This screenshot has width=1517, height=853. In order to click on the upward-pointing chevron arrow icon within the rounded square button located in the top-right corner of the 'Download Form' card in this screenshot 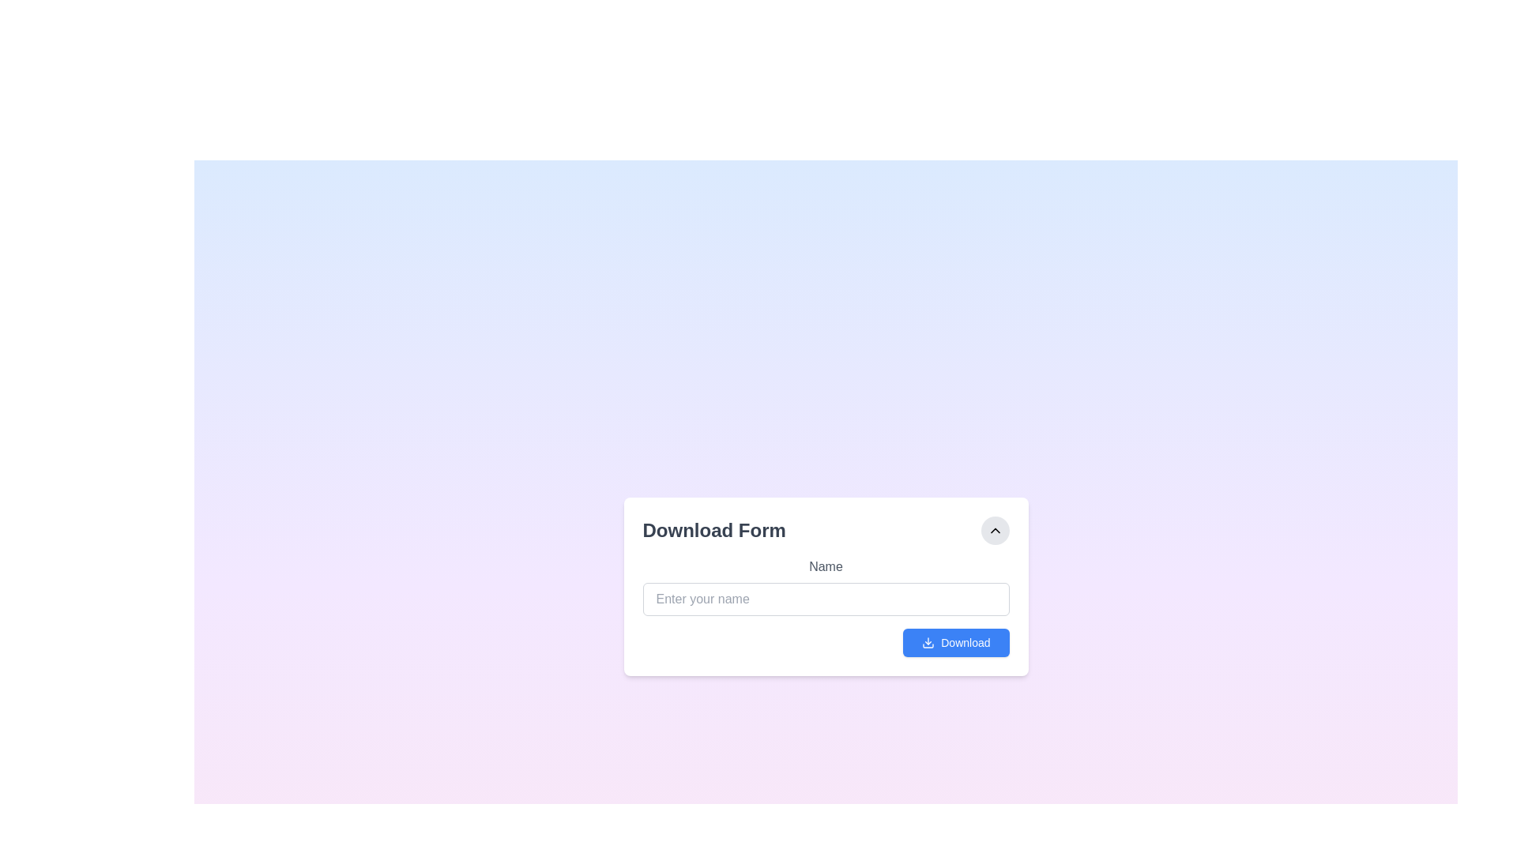, I will do `click(994, 530)`.